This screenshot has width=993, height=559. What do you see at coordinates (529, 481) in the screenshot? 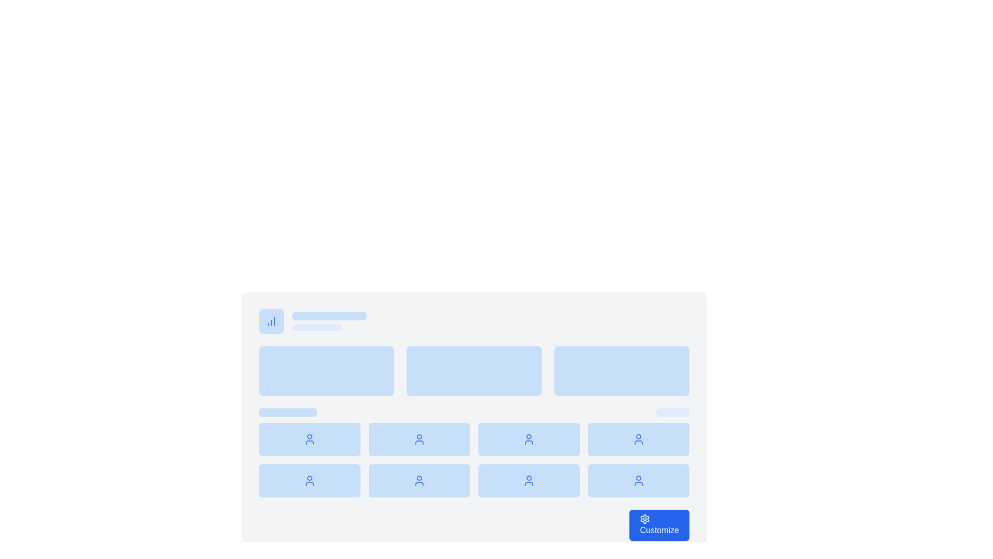
I see `the user icon styled as a simplified human figure silhouette, which is the third icon in the second row of a grid, to interact` at bounding box center [529, 481].